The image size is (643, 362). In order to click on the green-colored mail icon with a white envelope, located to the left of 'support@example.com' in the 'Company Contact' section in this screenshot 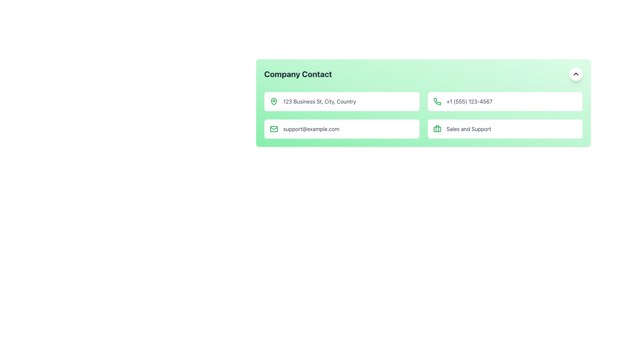, I will do `click(274, 129)`.